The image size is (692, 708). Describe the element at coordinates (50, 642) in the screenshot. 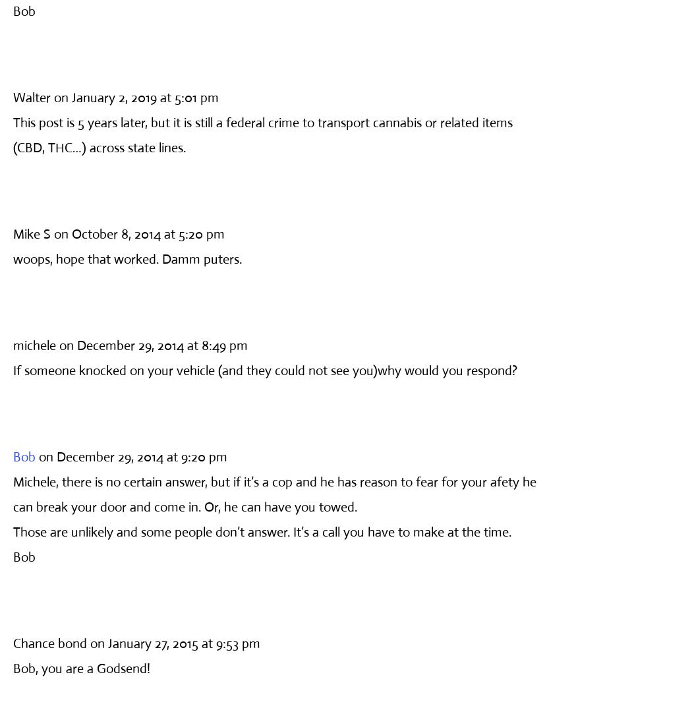

I see `'Chance bond'` at that location.